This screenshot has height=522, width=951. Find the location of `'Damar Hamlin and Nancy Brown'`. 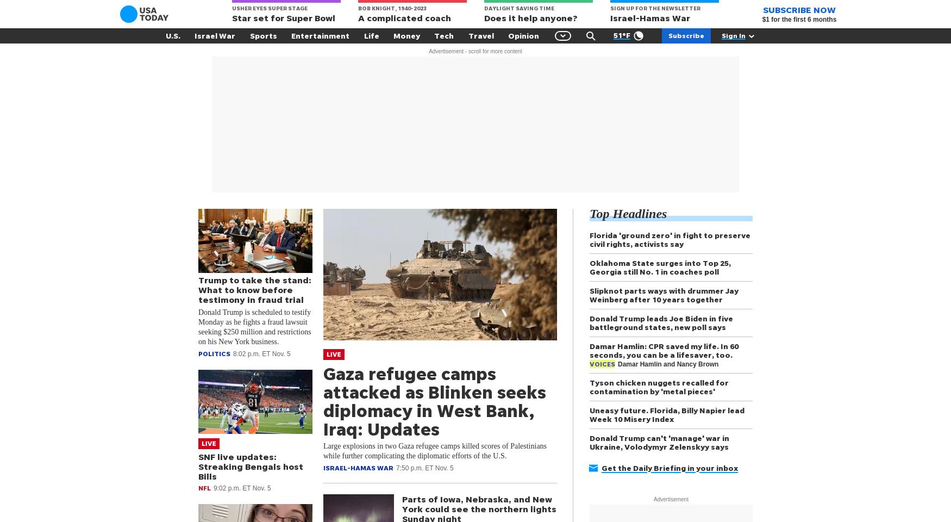

'Damar Hamlin and Nancy Brown' is located at coordinates (617, 364).